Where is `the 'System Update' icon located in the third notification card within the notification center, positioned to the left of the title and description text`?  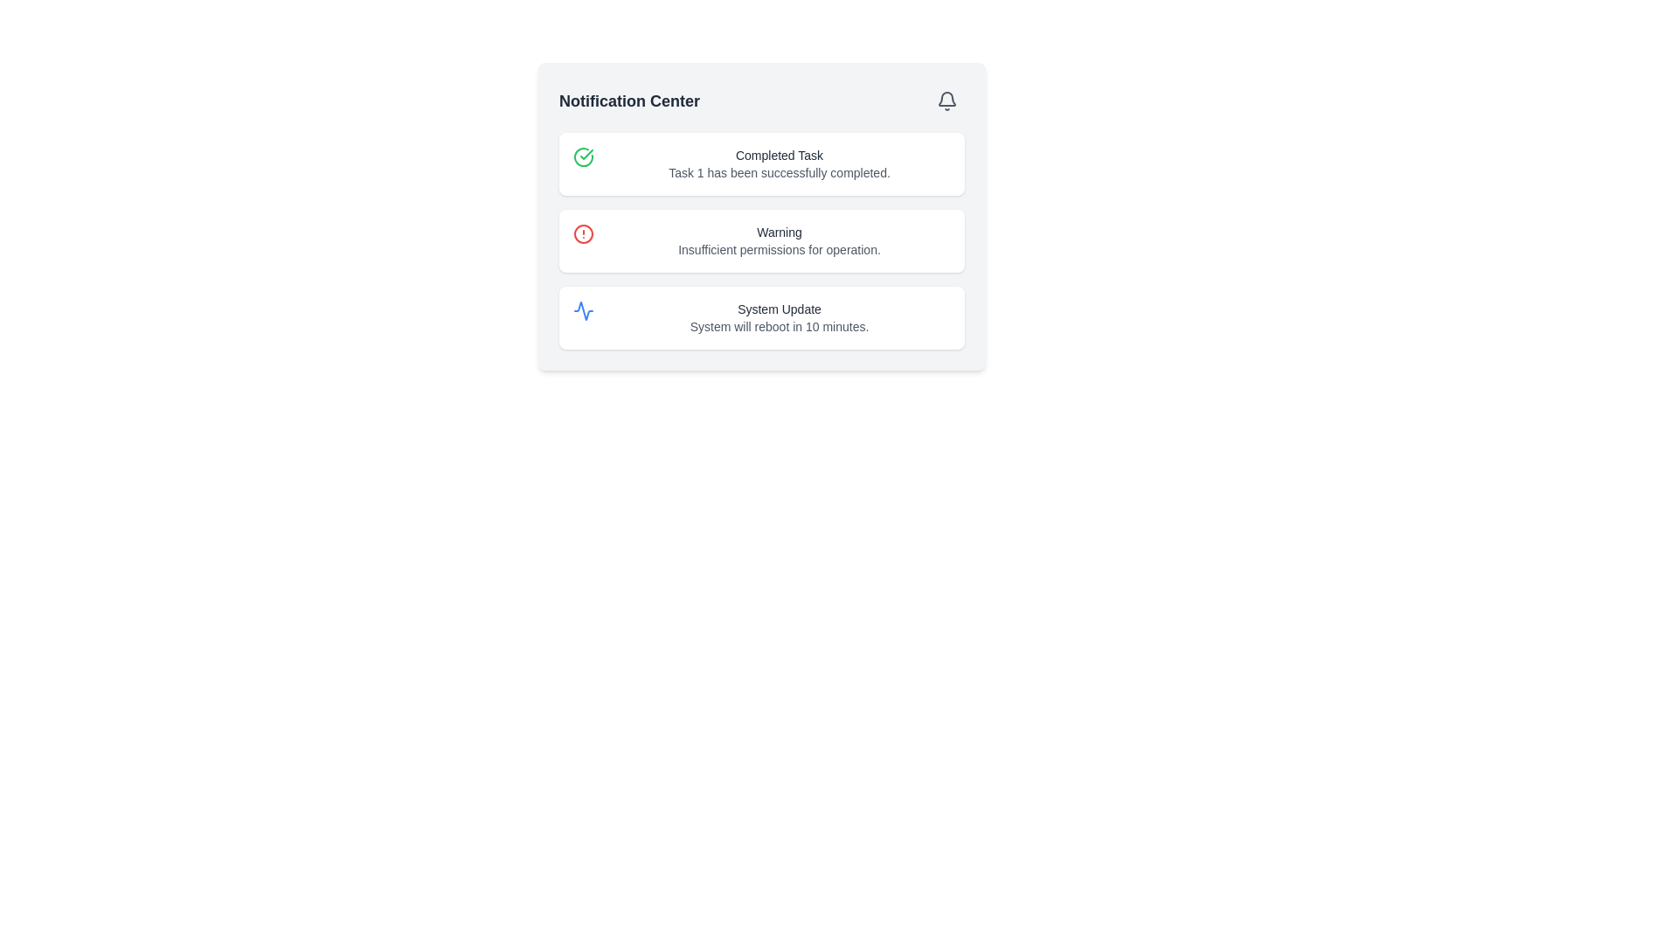 the 'System Update' icon located in the third notification card within the notification center, positioned to the left of the title and description text is located at coordinates (583, 309).